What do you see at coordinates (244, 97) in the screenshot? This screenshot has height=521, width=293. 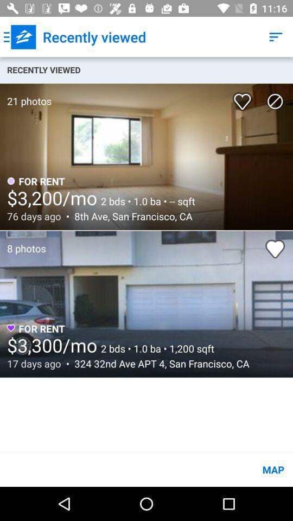 I see `the icon to the right of 21 photos` at bounding box center [244, 97].